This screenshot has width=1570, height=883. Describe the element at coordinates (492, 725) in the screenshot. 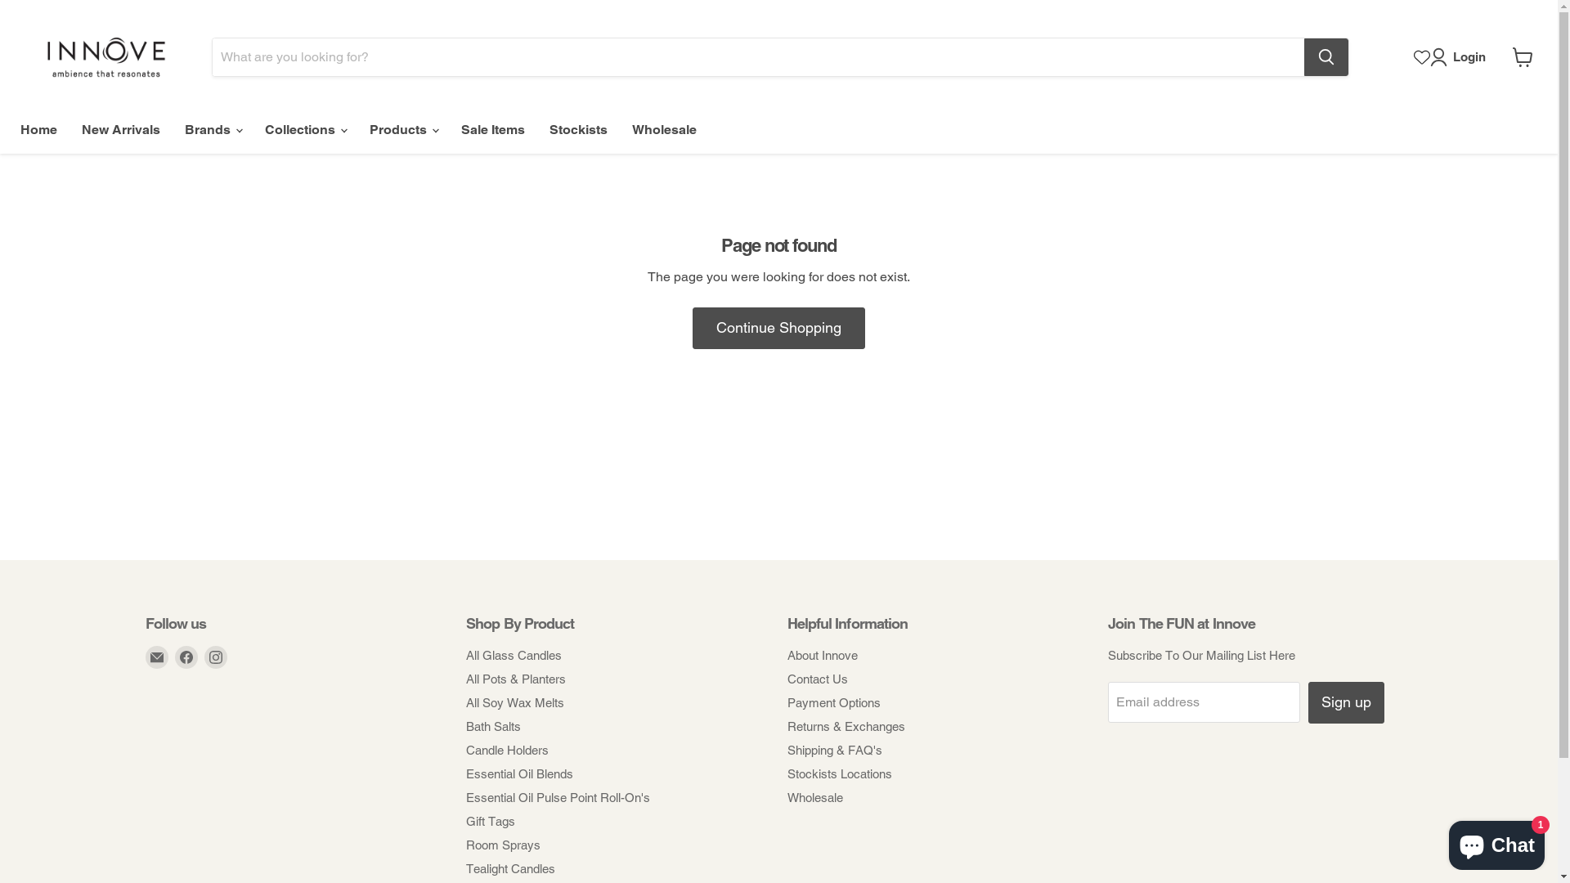

I see `'Bath Salts'` at that location.